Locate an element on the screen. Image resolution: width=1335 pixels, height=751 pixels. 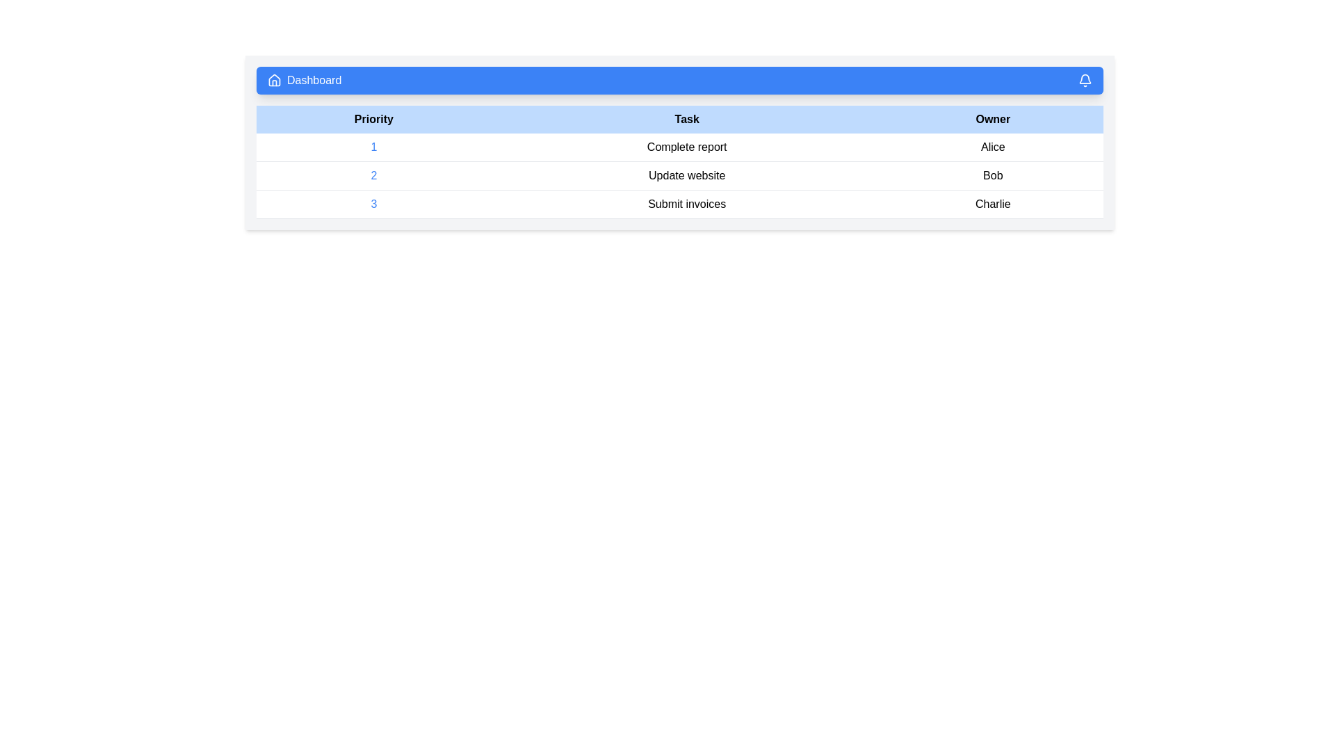
the dashboard icon located in the header bar, specifically to the left of the 'Dashboard' text label is located at coordinates (274, 80).